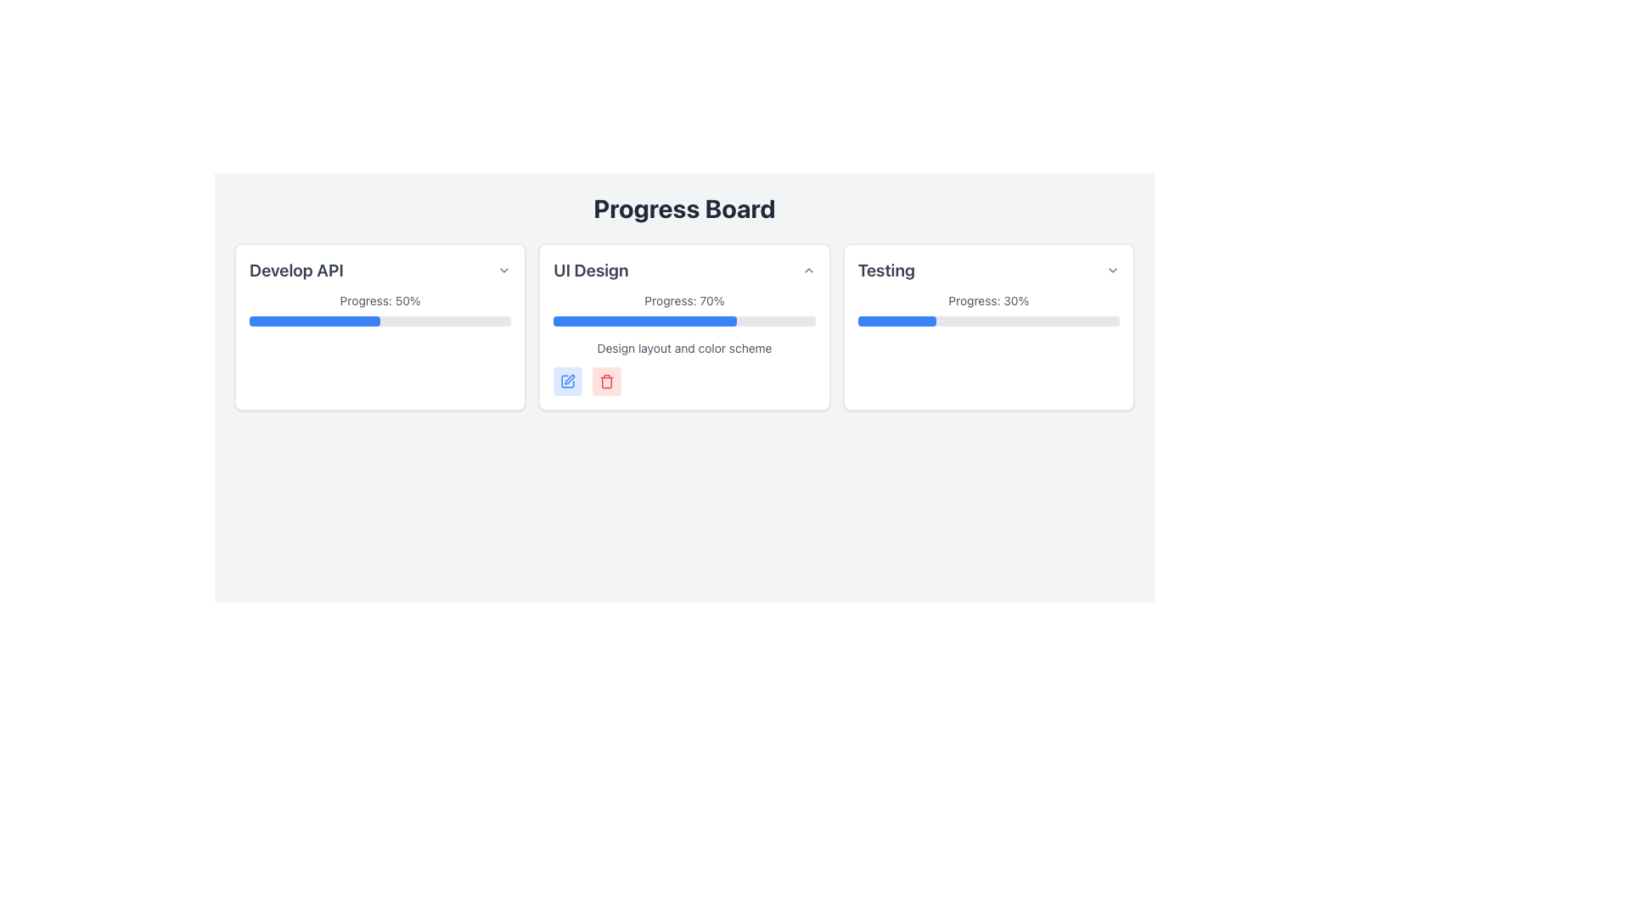 The height and width of the screenshot is (916, 1630). I want to click on the leftmost button with a light blue background and a pen icon in the 'UI Design' section, so click(568, 382).